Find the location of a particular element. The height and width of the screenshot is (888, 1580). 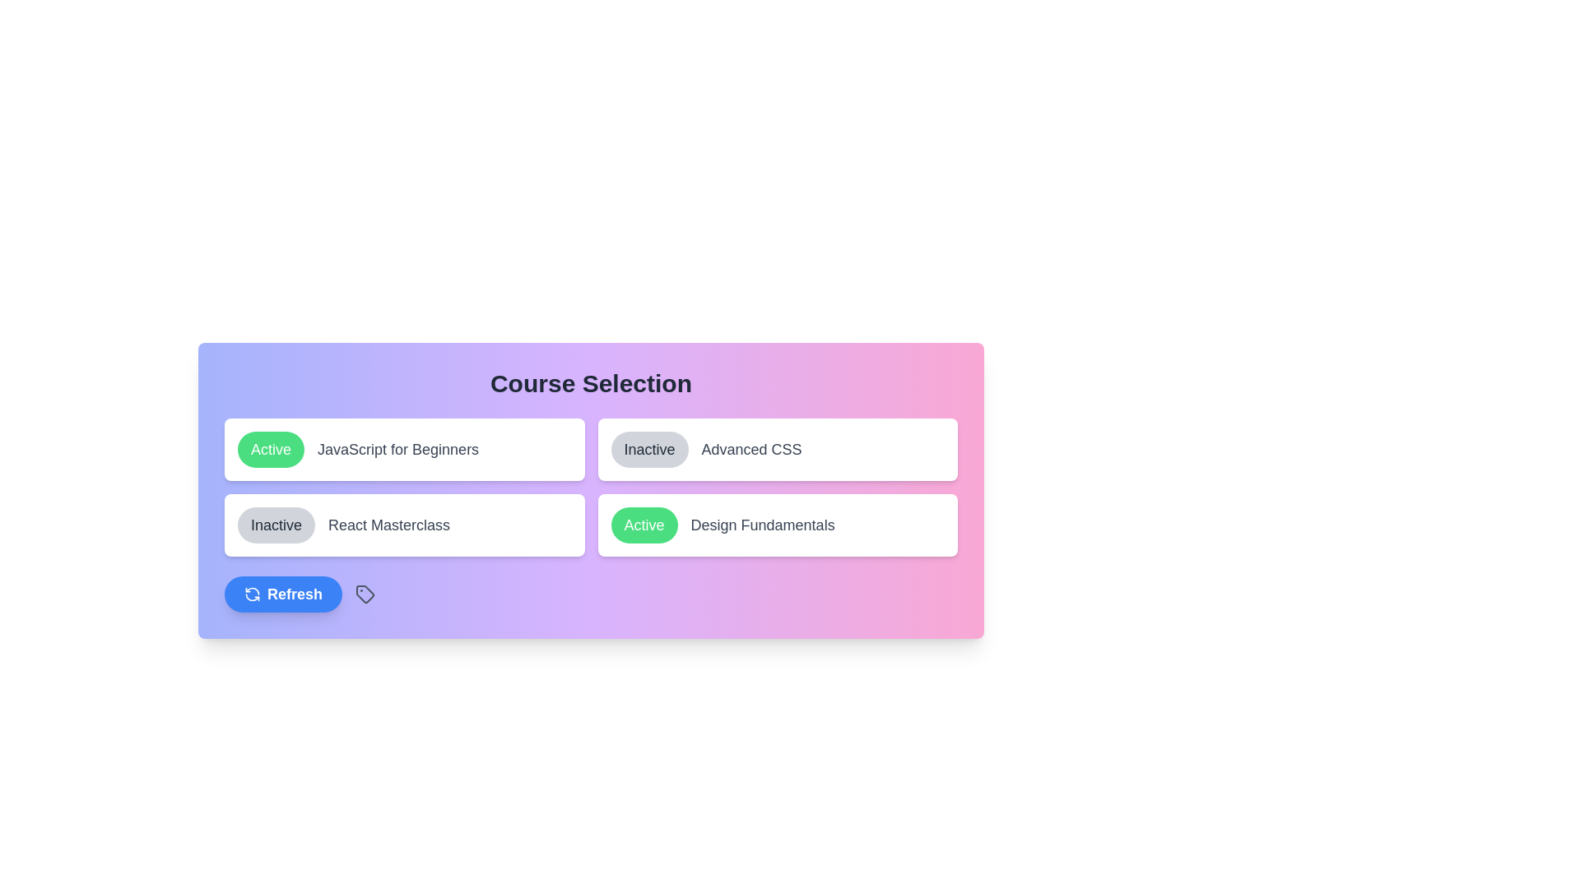

the text label for the course titled 'Design Fundamentals', which is horizontally aligned to the right of the green 'Active' badge within the course selection card is located at coordinates (762, 525).